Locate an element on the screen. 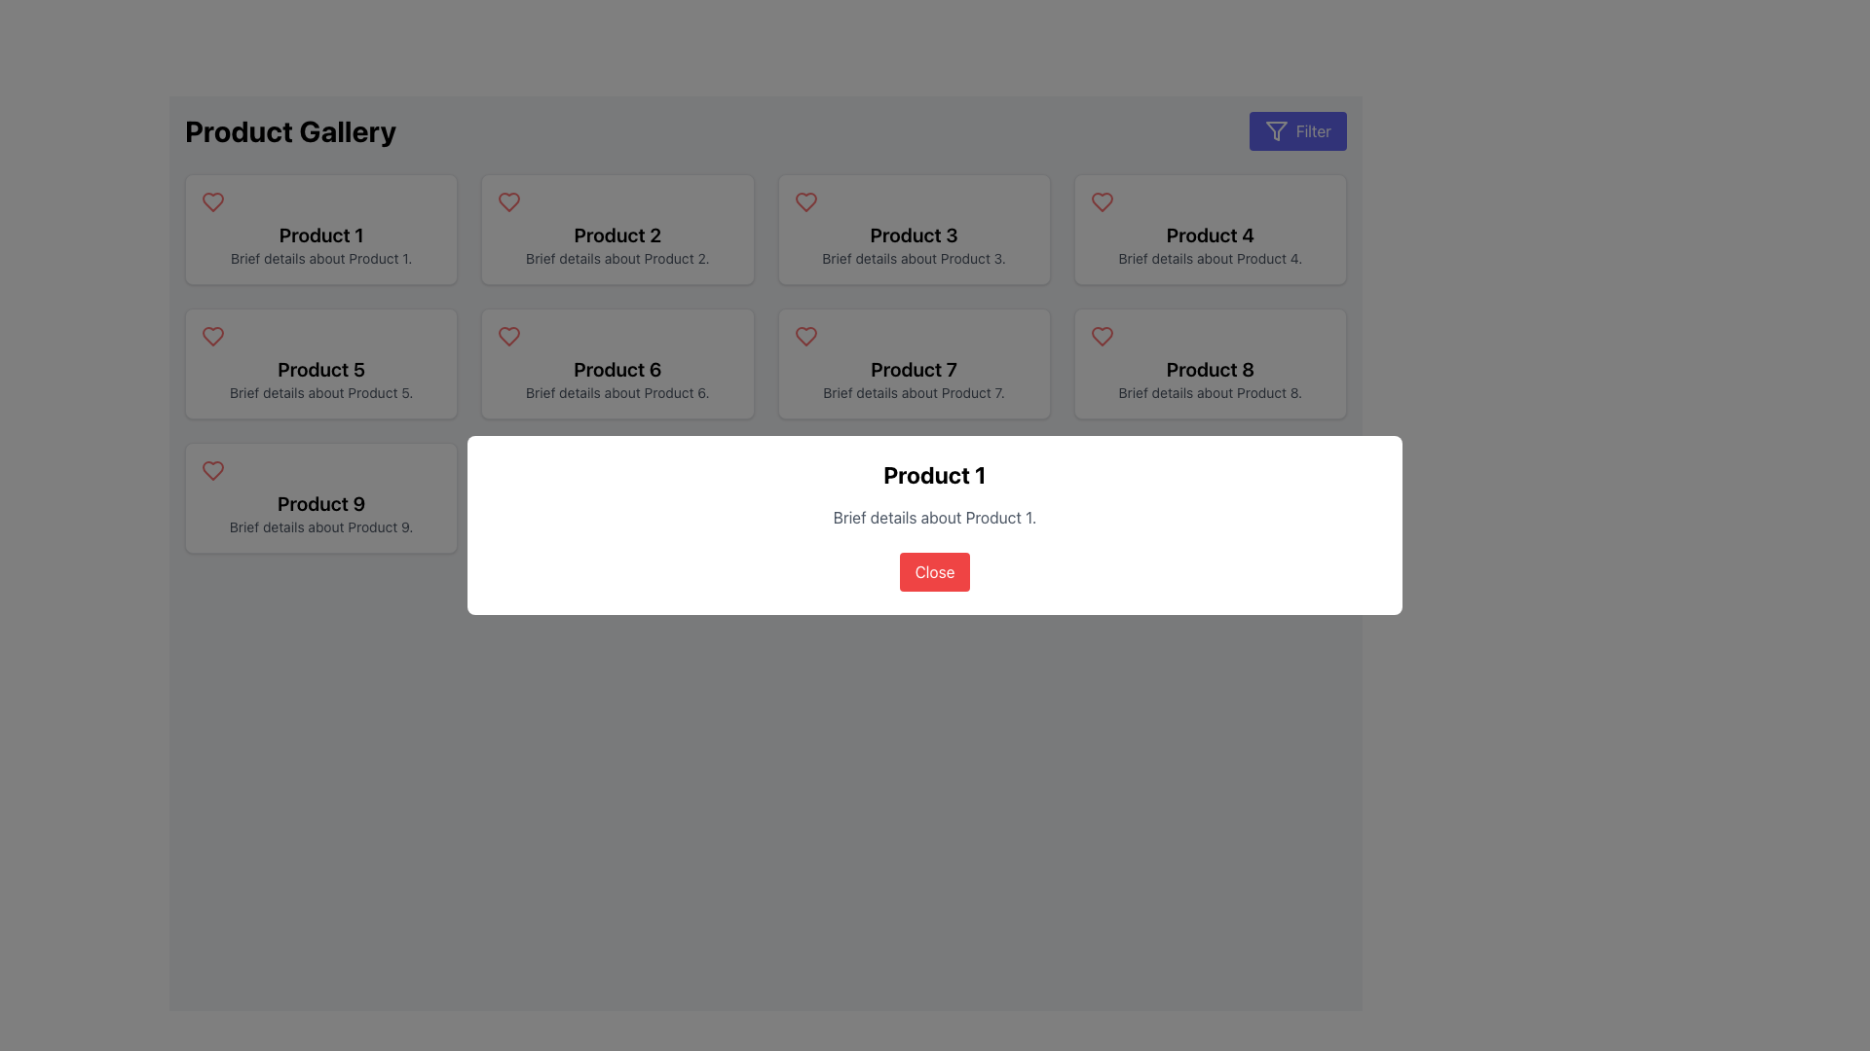 The width and height of the screenshot is (1870, 1051). the static text element labeled 'Product 5', which serves as the title for the item in the second row and first column of the grid layout is located at coordinates (321, 370).